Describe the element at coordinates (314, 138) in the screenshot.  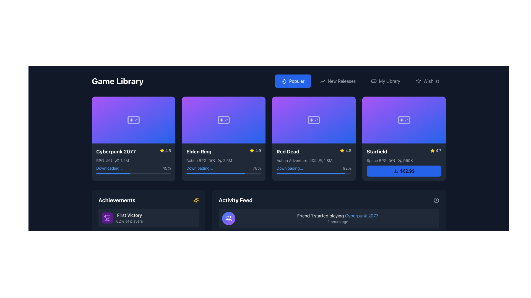
I see `the third card in the horizontal grid under the 'Popular' tab, which features a purple` at that location.